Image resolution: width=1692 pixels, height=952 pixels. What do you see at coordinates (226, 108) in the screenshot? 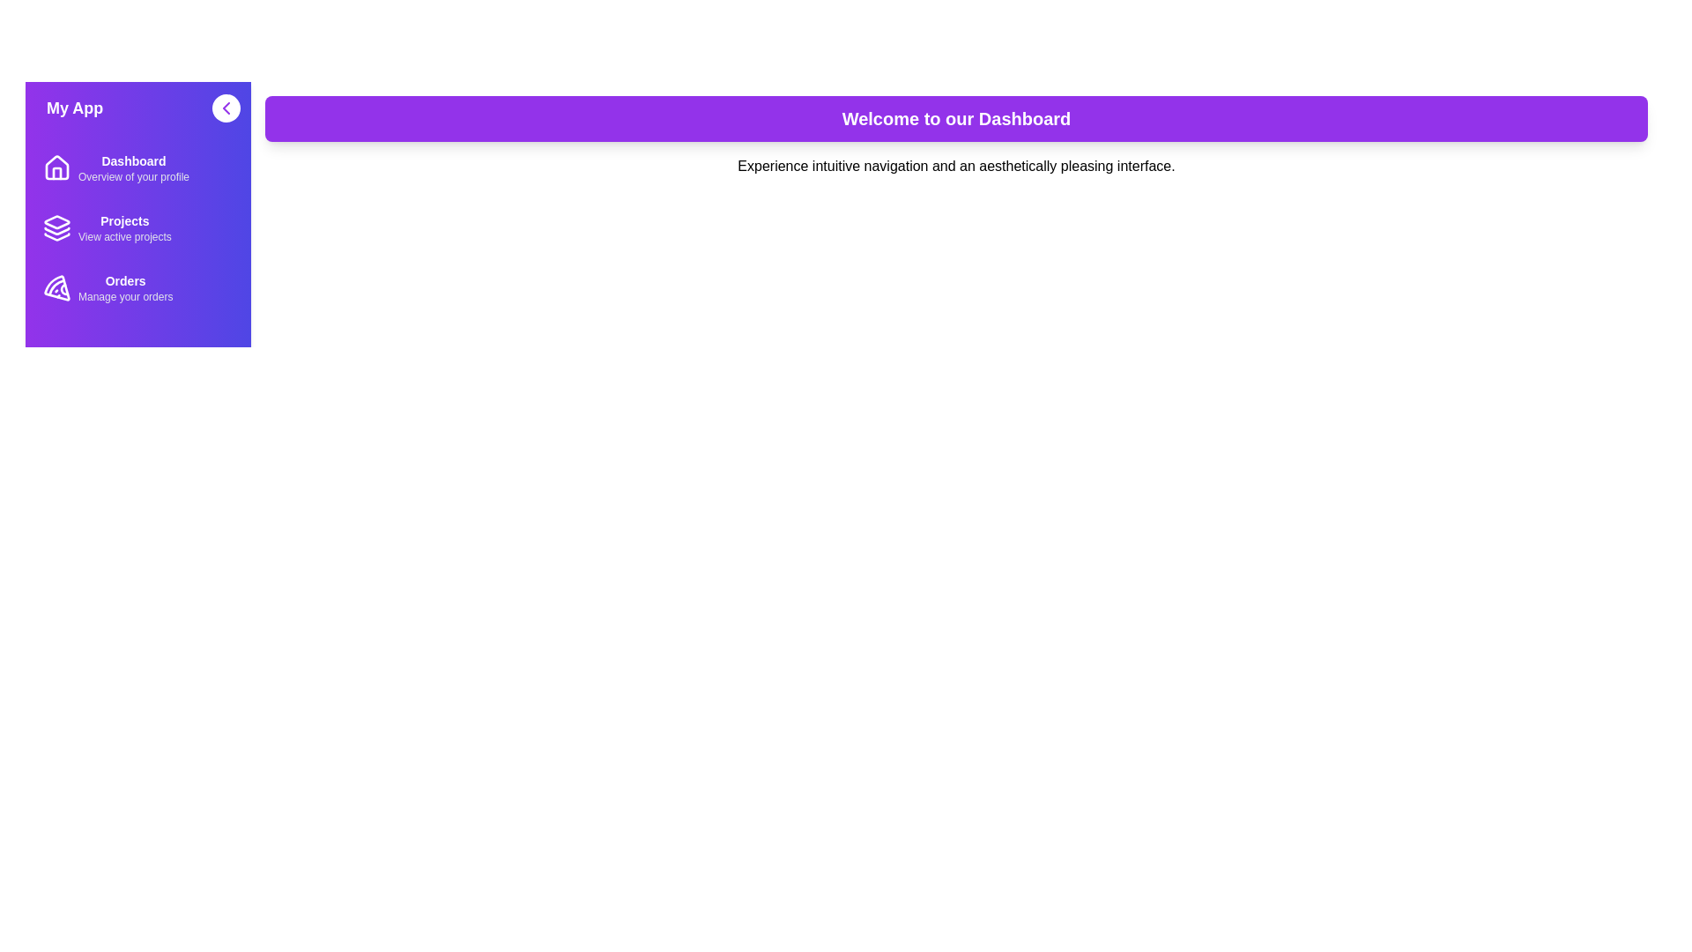
I see `the arrow button to toggle the sidebar visibility` at bounding box center [226, 108].